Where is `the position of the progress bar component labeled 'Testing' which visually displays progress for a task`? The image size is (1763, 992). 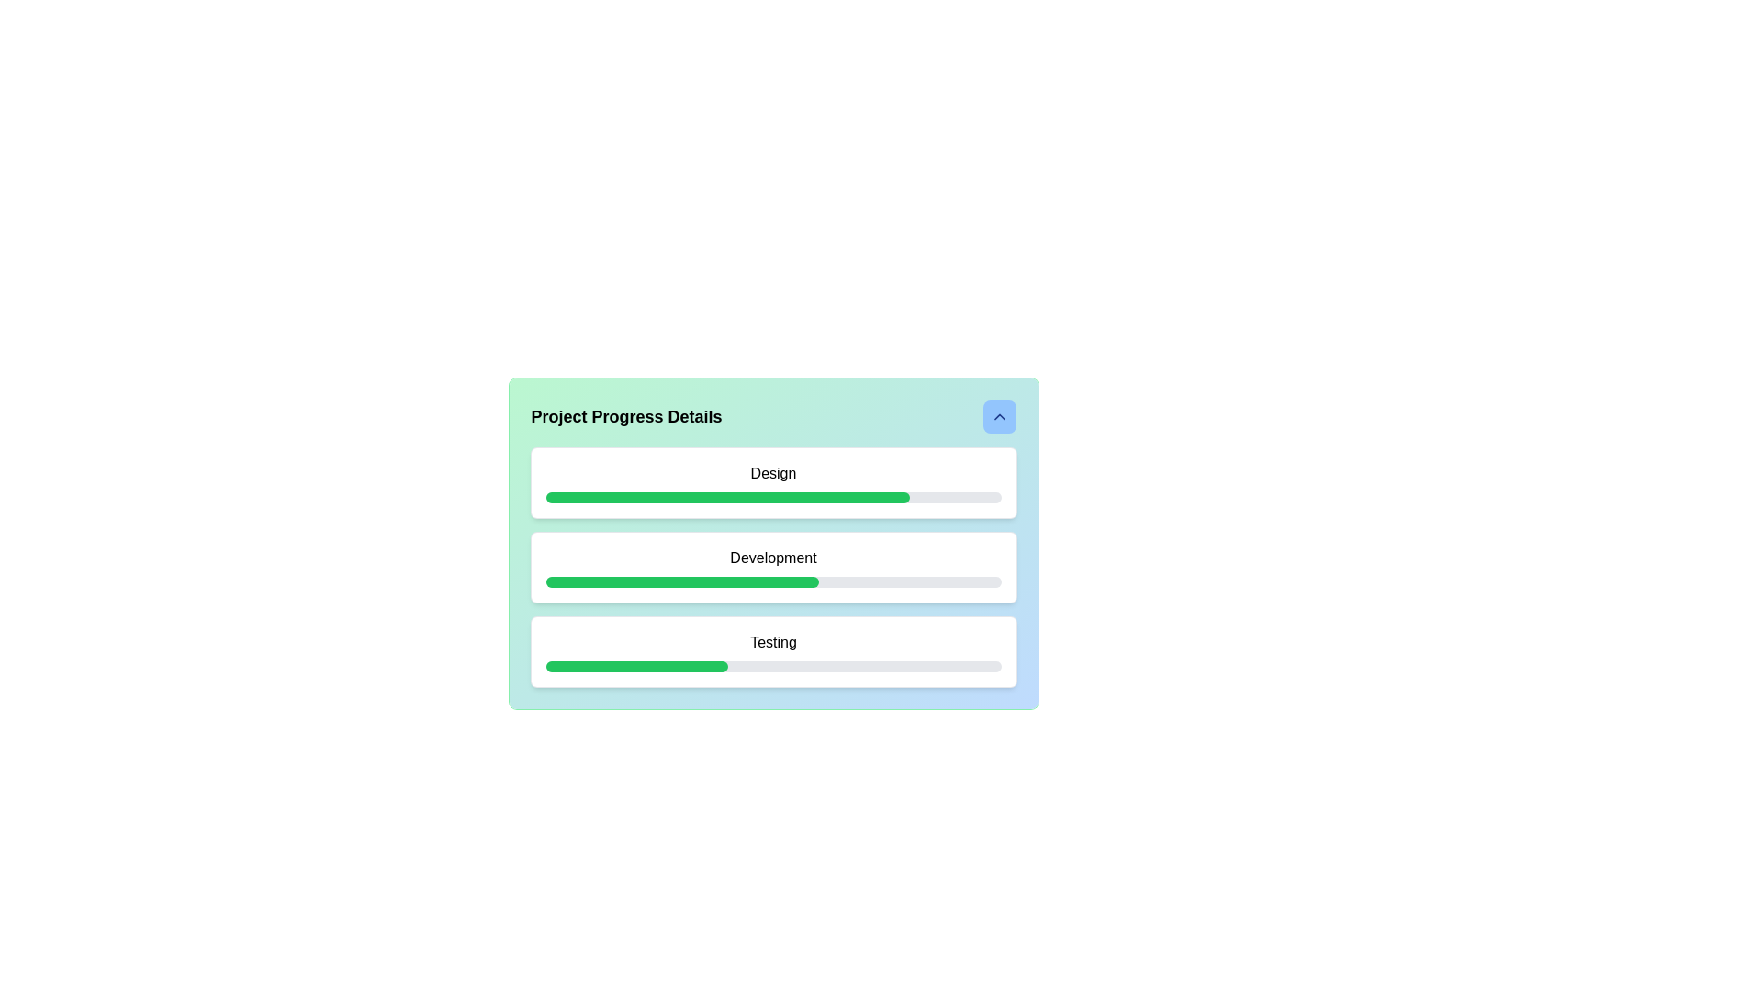 the position of the progress bar component labeled 'Testing' which visually displays progress for a task is located at coordinates (773, 666).